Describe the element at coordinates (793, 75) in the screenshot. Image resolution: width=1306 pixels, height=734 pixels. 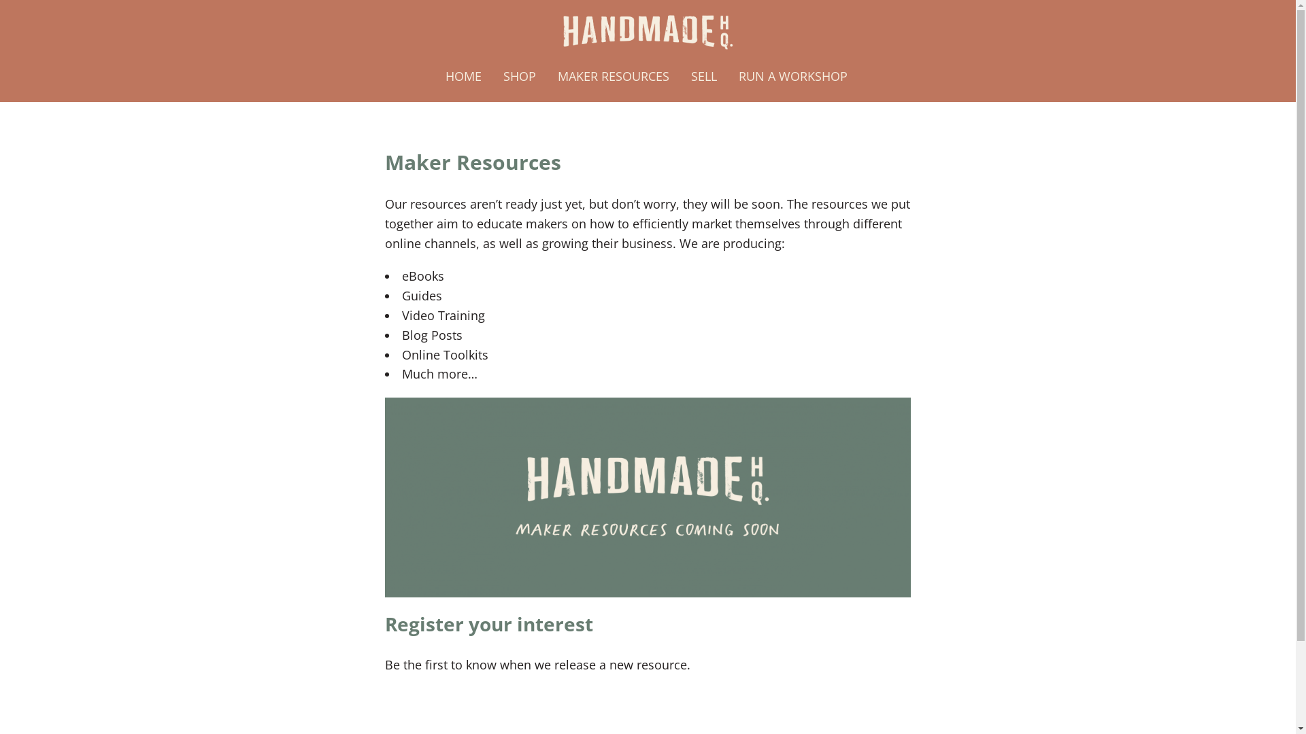
I see `'RUN A WORKSHOP'` at that location.